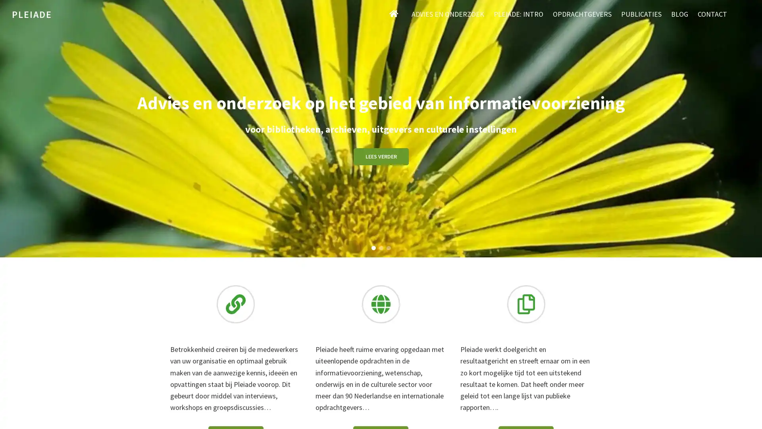 The width and height of the screenshot is (762, 429). What do you see at coordinates (388, 247) in the screenshot?
I see `Go to slide 3` at bounding box center [388, 247].